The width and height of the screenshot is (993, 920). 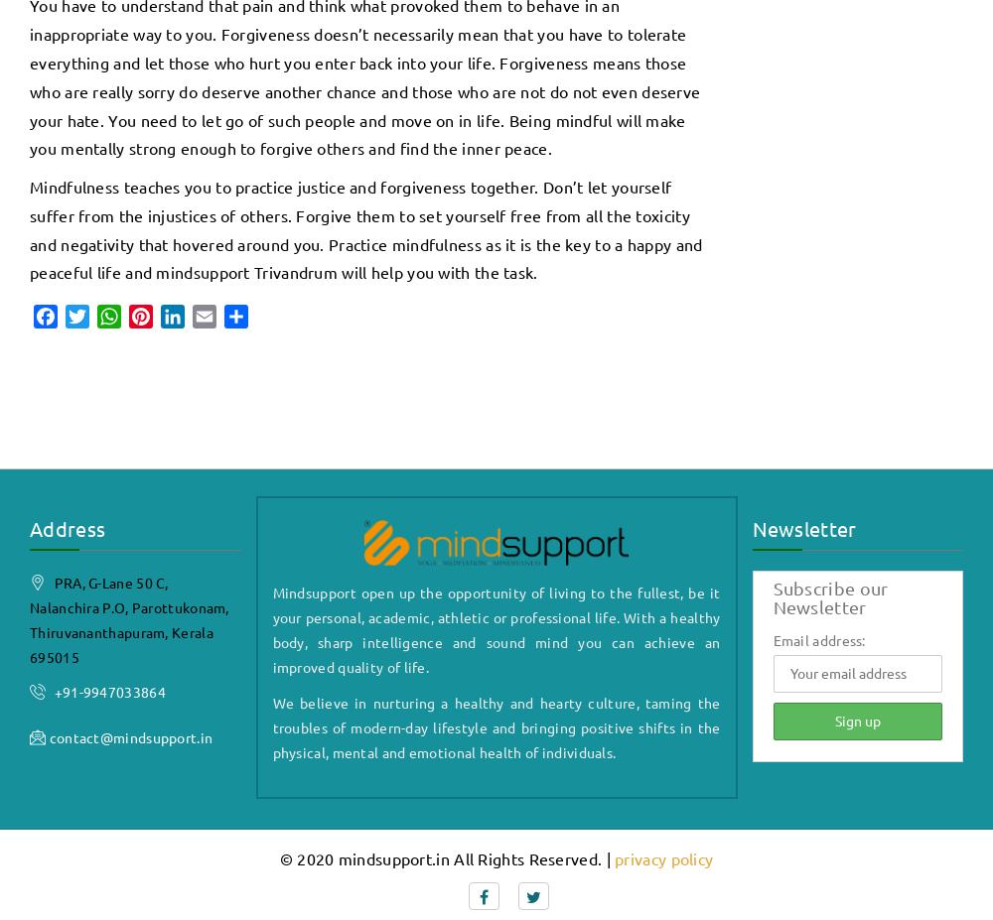 I want to click on 'PRA, G-Lane 50 C,', so click(x=108, y=581).